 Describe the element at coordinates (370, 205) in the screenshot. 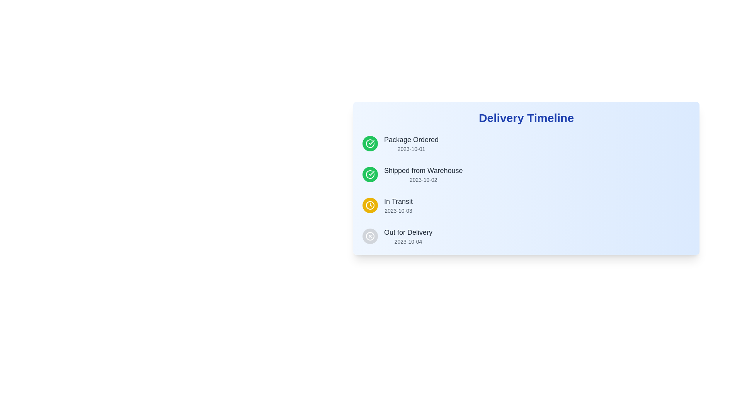

I see `the circular yellow icon with a white clock symbol, which is the third icon in the vertical sequence of status indicators on the delivery timeline interface, located to the left of the text 'In Transit' and '2023-10-03'` at that location.